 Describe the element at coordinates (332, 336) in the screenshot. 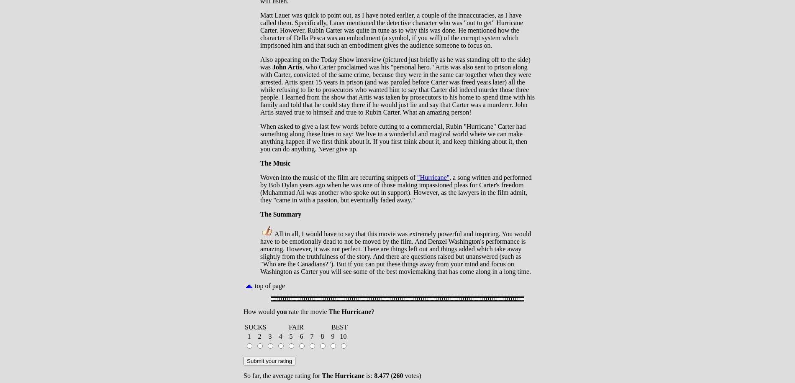

I see `'9'` at that location.